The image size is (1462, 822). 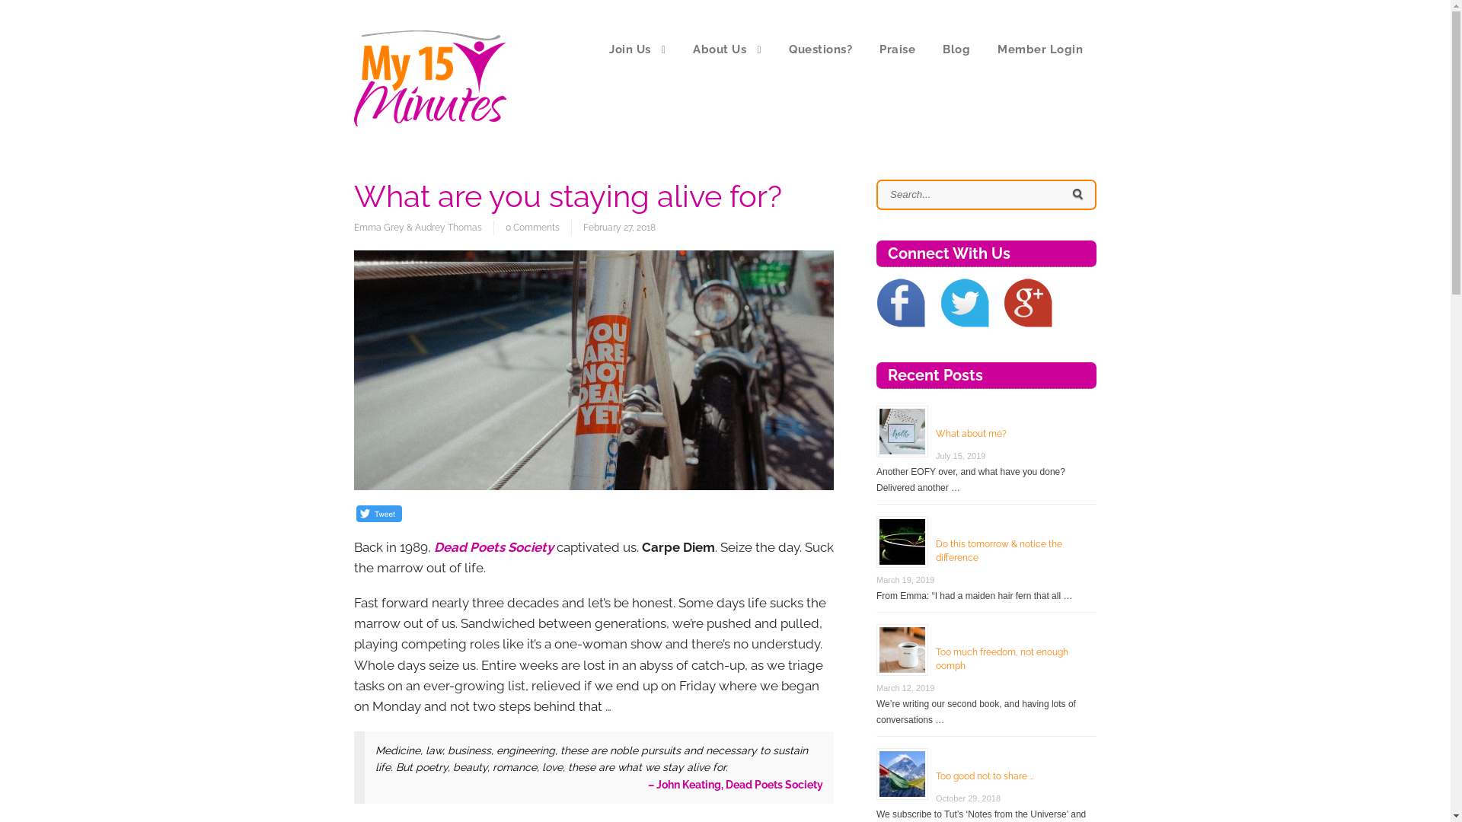 I want to click on 'What about me?', so click(x=970, y=434).